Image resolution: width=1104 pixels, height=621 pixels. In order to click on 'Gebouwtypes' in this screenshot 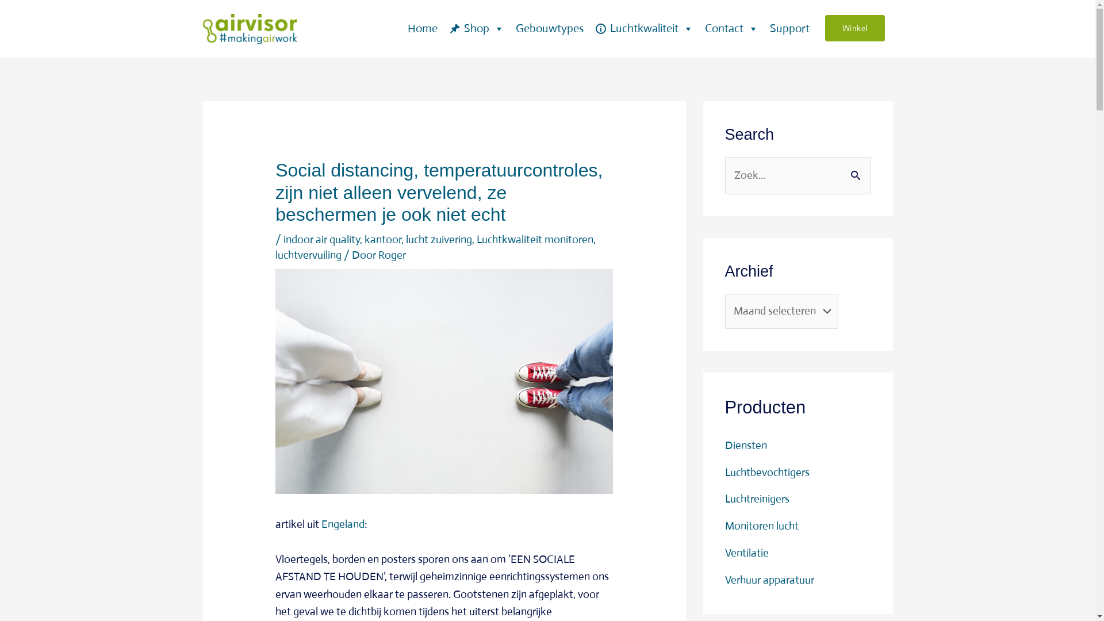, I will do `click(549, 28)`.